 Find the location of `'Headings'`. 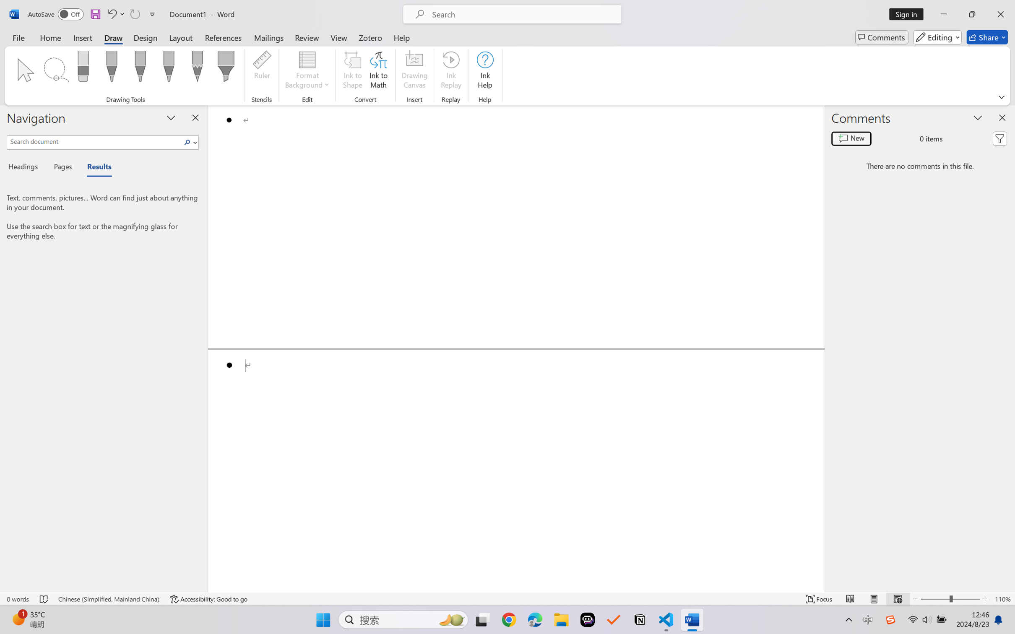

'Headings' is located at coordinates (26, 168).